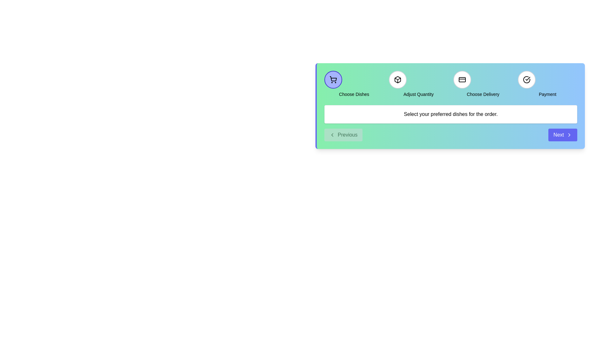 The width and height of the screenshot is (610, 343). What do you see at coordinates (483, 84) in the screenshot?
I see `the third circular glyph labeled as 'Choose Delivery' in the step indicator row` at bounding box center [483, 84].